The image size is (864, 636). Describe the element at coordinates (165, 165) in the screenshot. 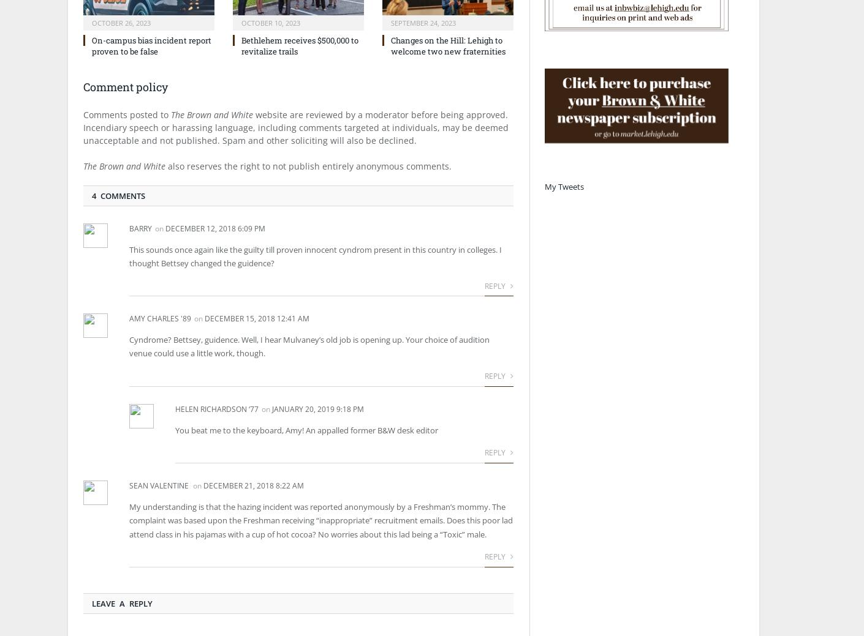

I see `'also reserves the right to not publish entirely anonymous comments.'` at that location.